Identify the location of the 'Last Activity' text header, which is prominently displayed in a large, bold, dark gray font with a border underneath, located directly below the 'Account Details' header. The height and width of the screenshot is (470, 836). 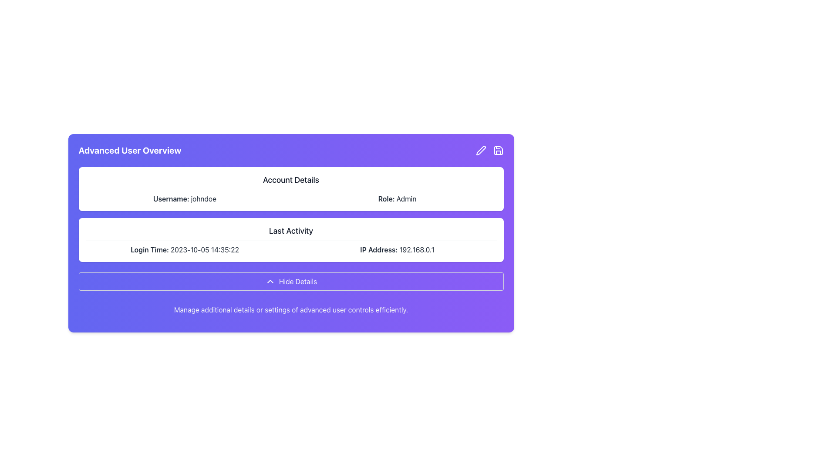
(291, 232).